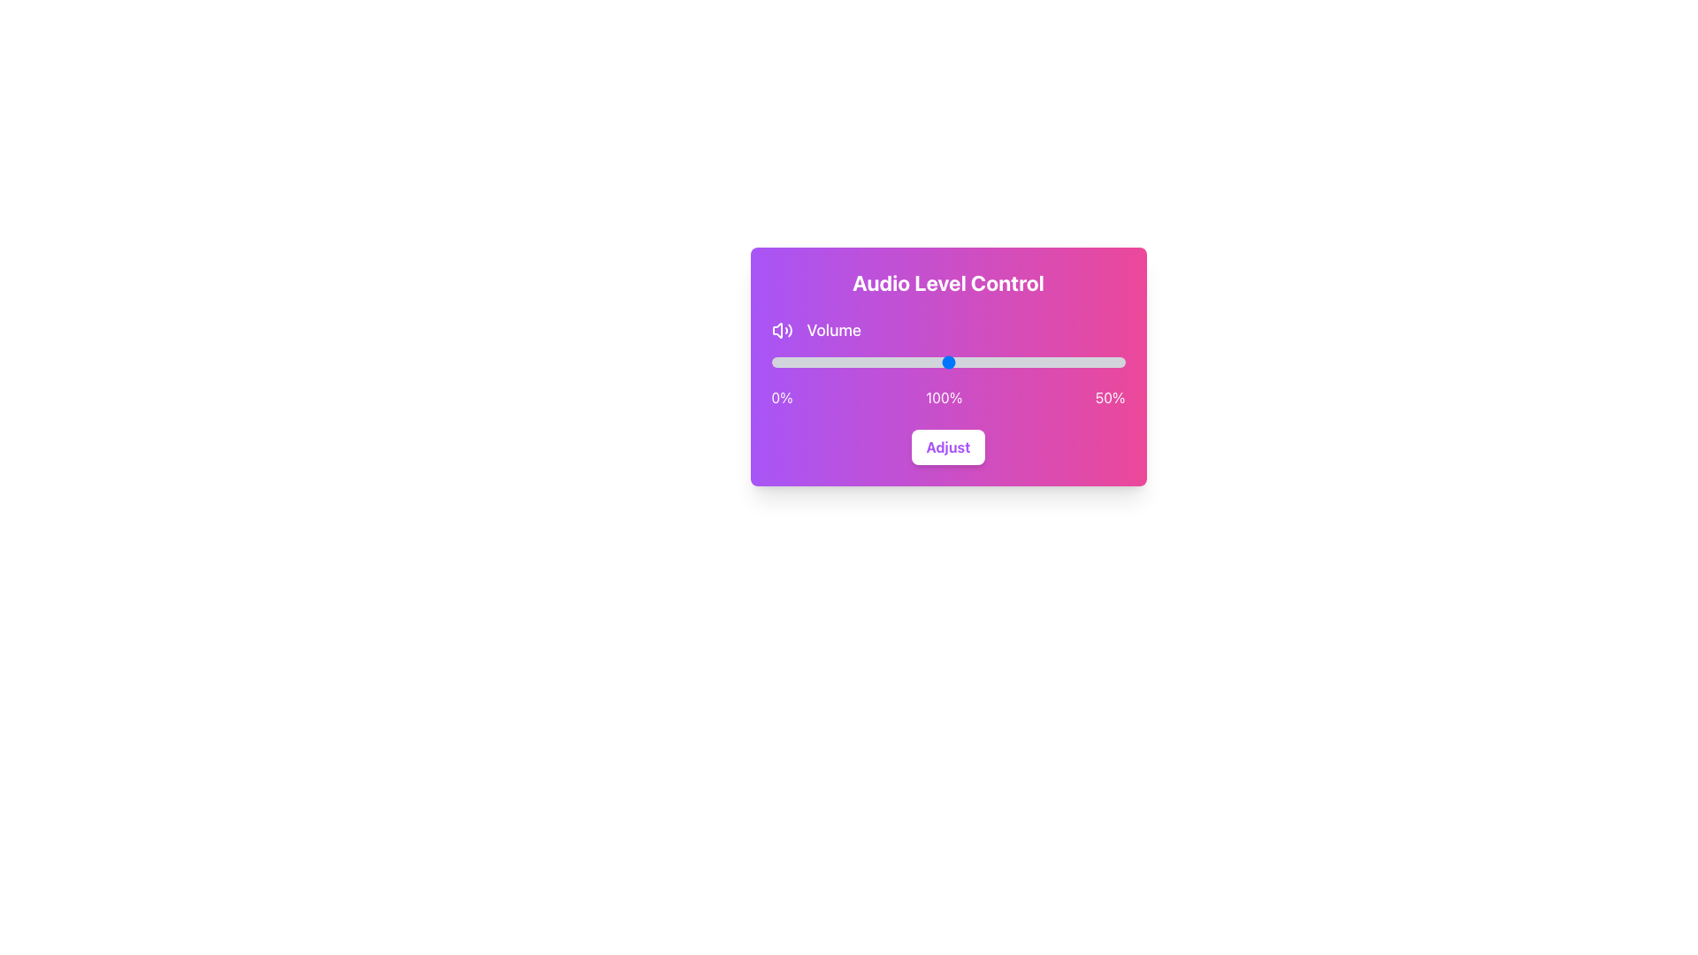 The width and height of the screenshot is (1698, 955). What do you see at coordinates (947, 331) in the screenshot?
I see `the Text and Icon Label Group containing the 'Volume' label and speaker icon, positioned near the top of the 'Audio Level Control' panel` at bounding box center [947, 331].